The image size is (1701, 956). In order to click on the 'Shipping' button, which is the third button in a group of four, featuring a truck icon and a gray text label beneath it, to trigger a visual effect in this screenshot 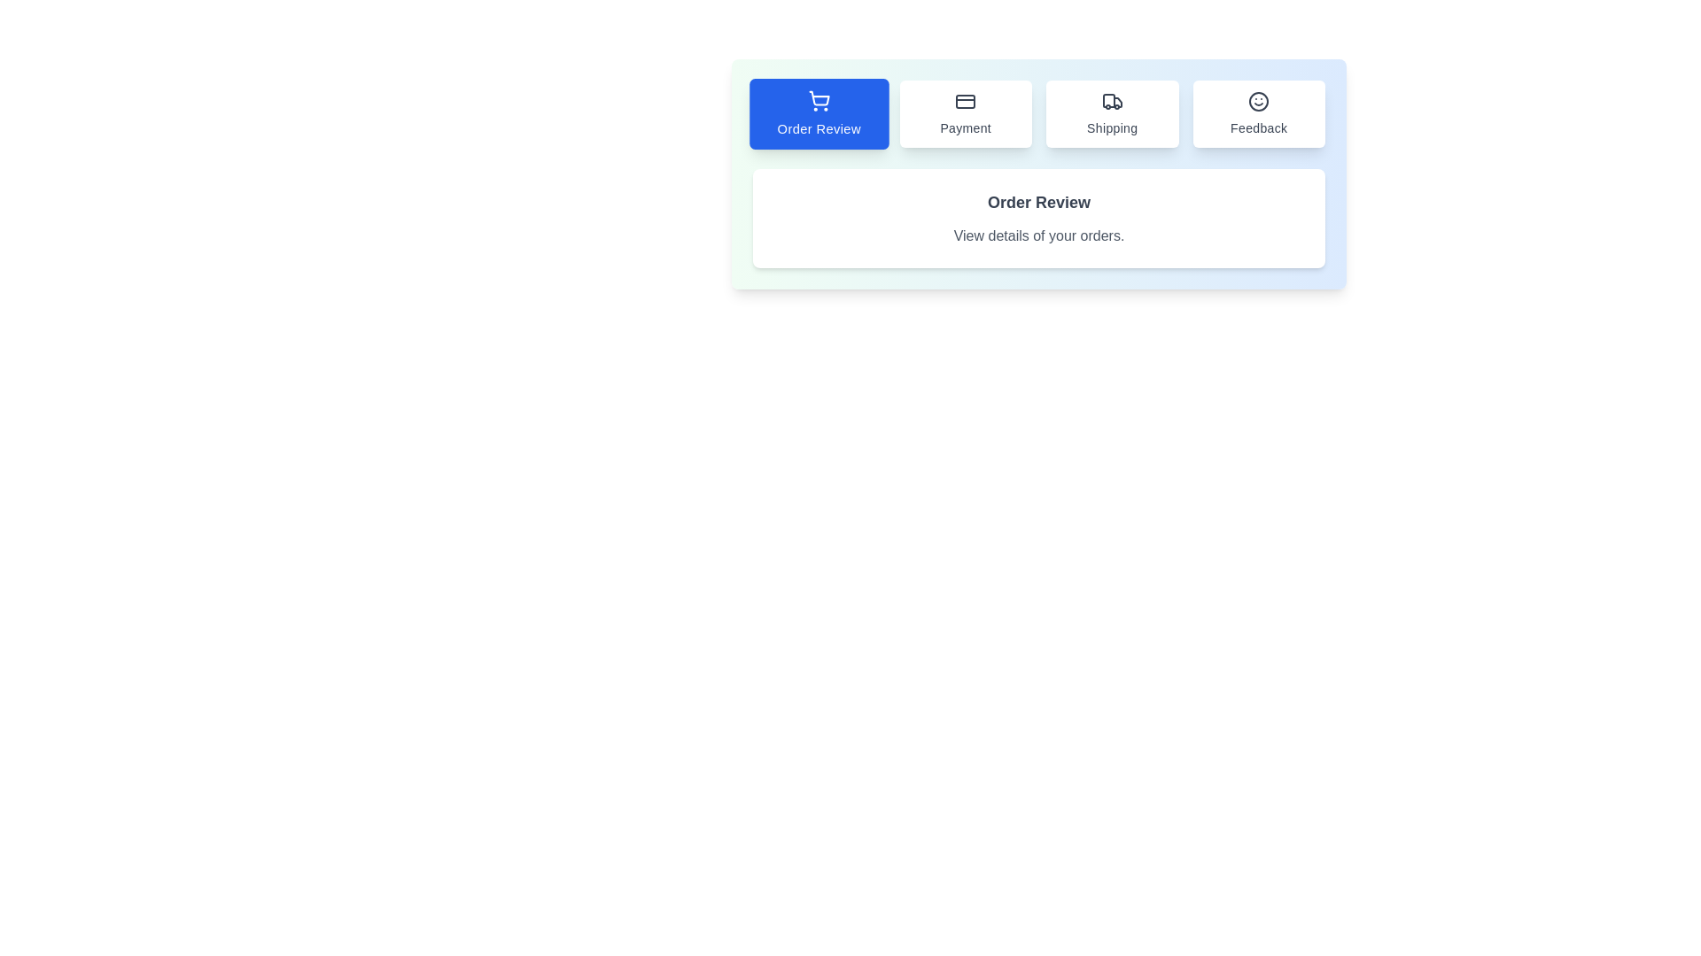, I will do `click(1111, 113)`.